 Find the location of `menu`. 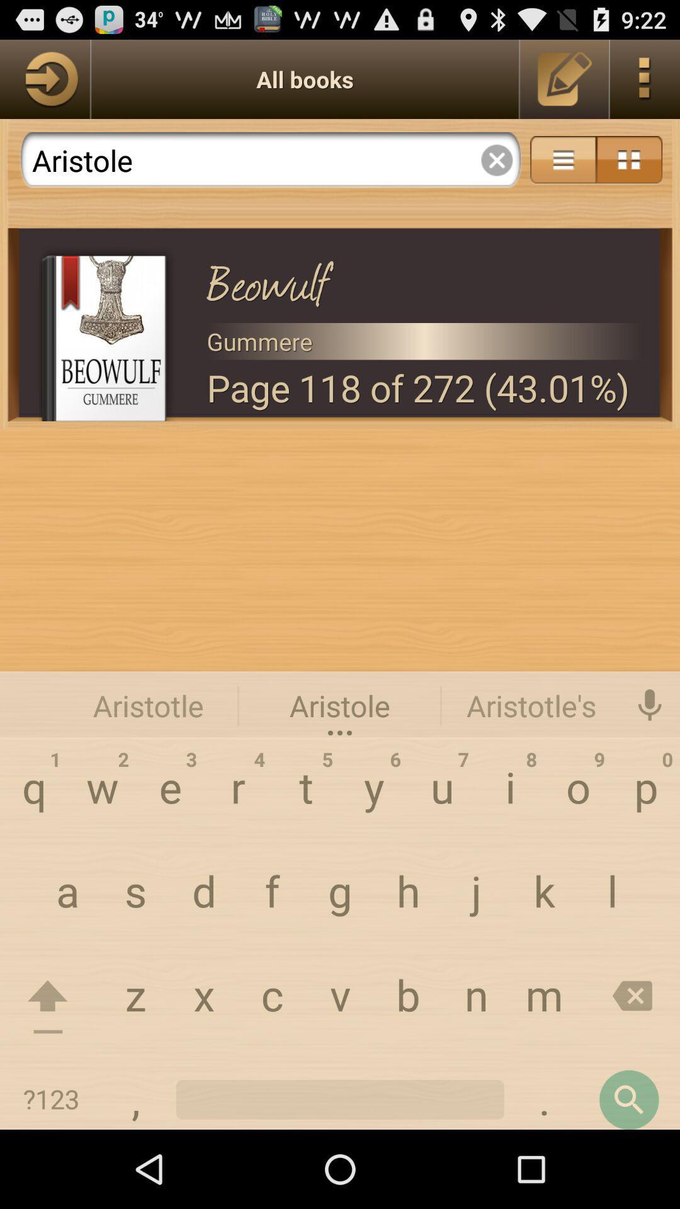

menu is located at coordinates (645, 78).